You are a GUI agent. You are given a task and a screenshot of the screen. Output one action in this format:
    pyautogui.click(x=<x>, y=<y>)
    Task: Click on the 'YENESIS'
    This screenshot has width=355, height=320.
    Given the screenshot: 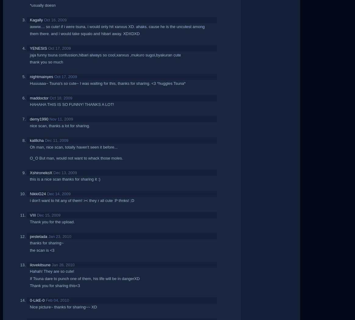 What is the action you would take?
    pyautogui.click(x=38, y=48)
    